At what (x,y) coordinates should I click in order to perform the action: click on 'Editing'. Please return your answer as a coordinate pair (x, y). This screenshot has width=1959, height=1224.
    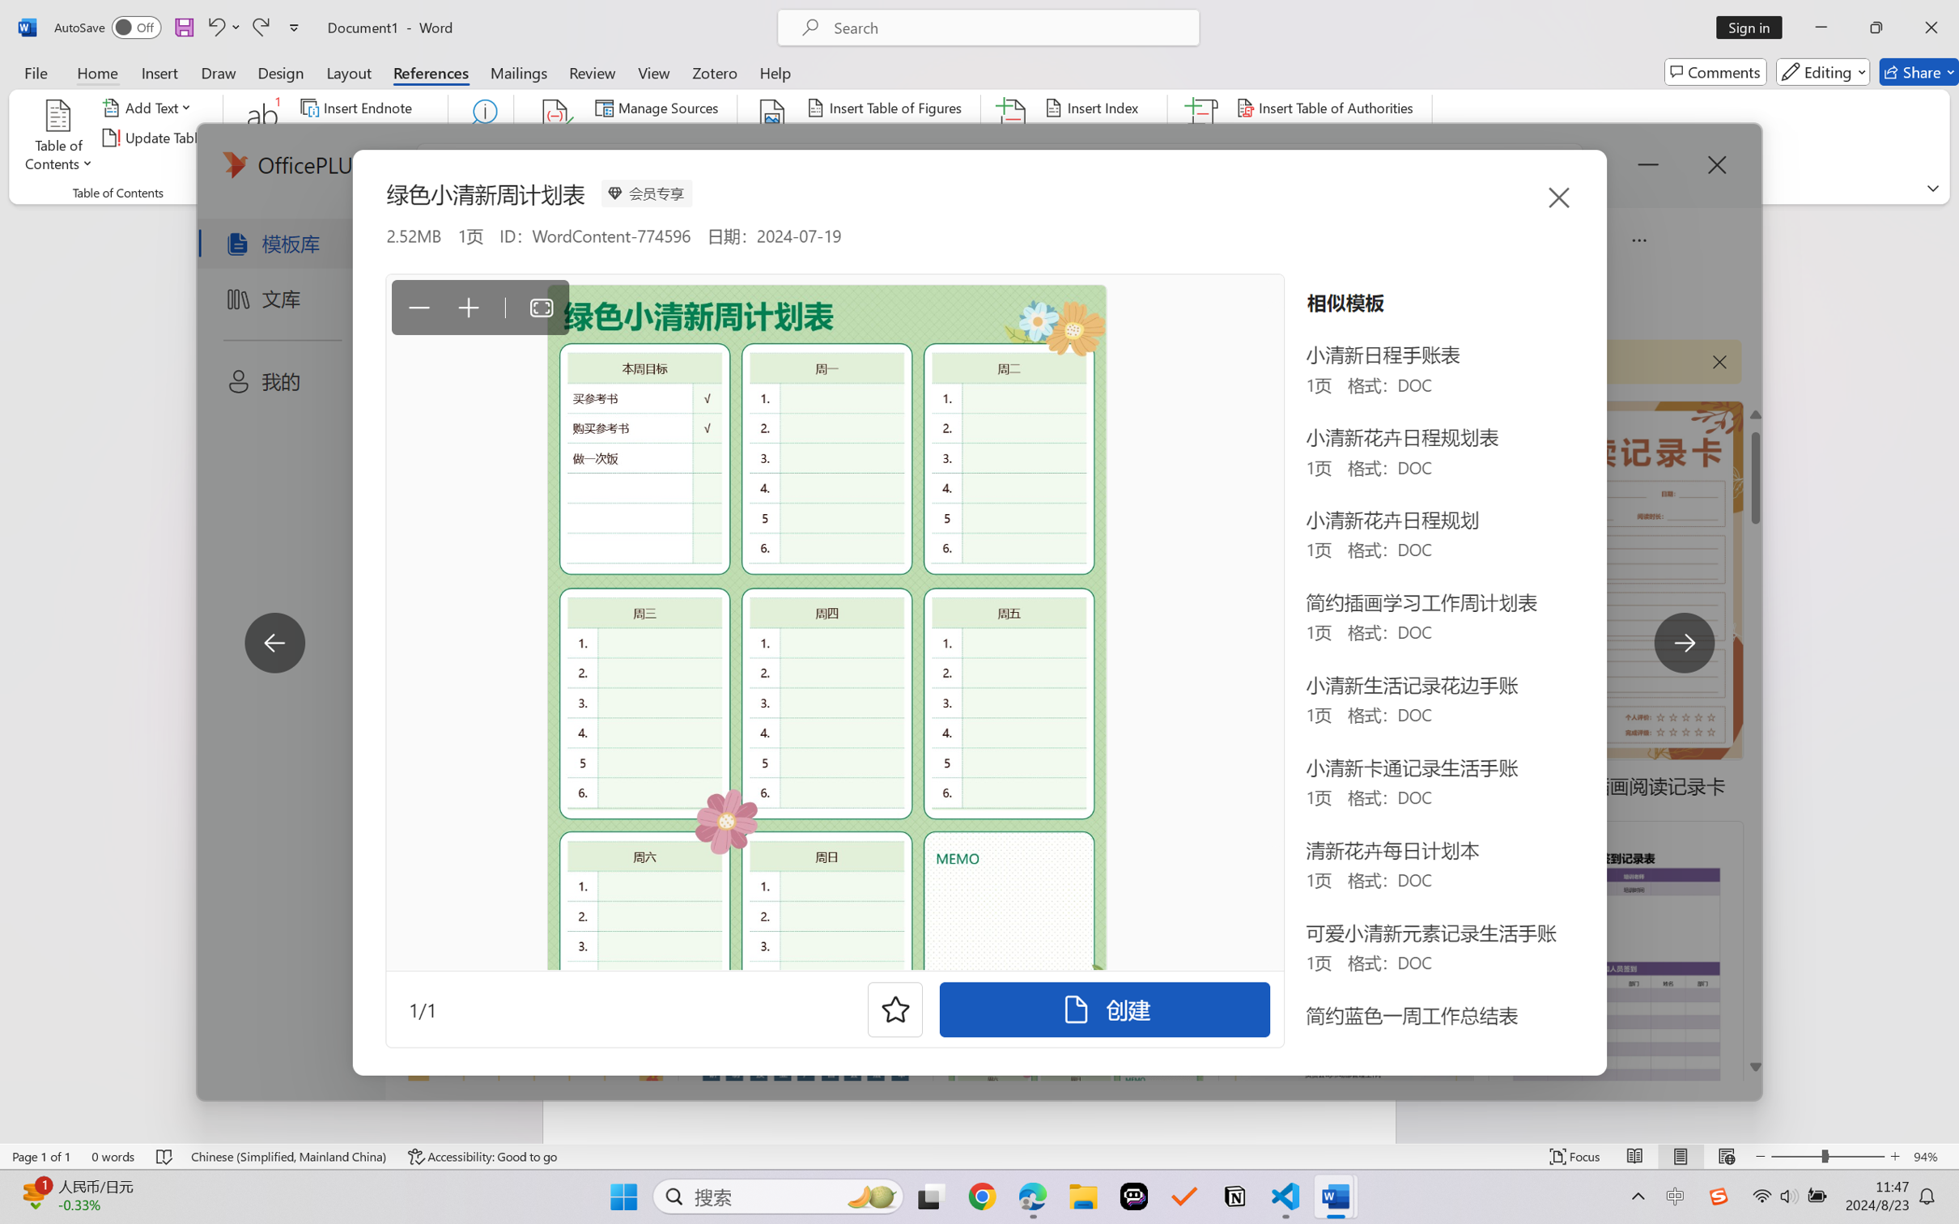
    Looking at the image, I should click on (1824, 71).